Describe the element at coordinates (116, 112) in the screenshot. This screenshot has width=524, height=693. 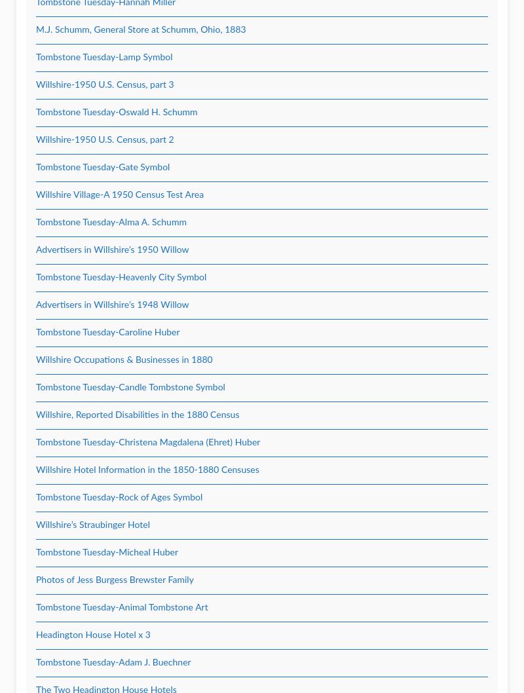
I see `'Tombstone Tuesday-Oswald H. Schumm'` at that location.